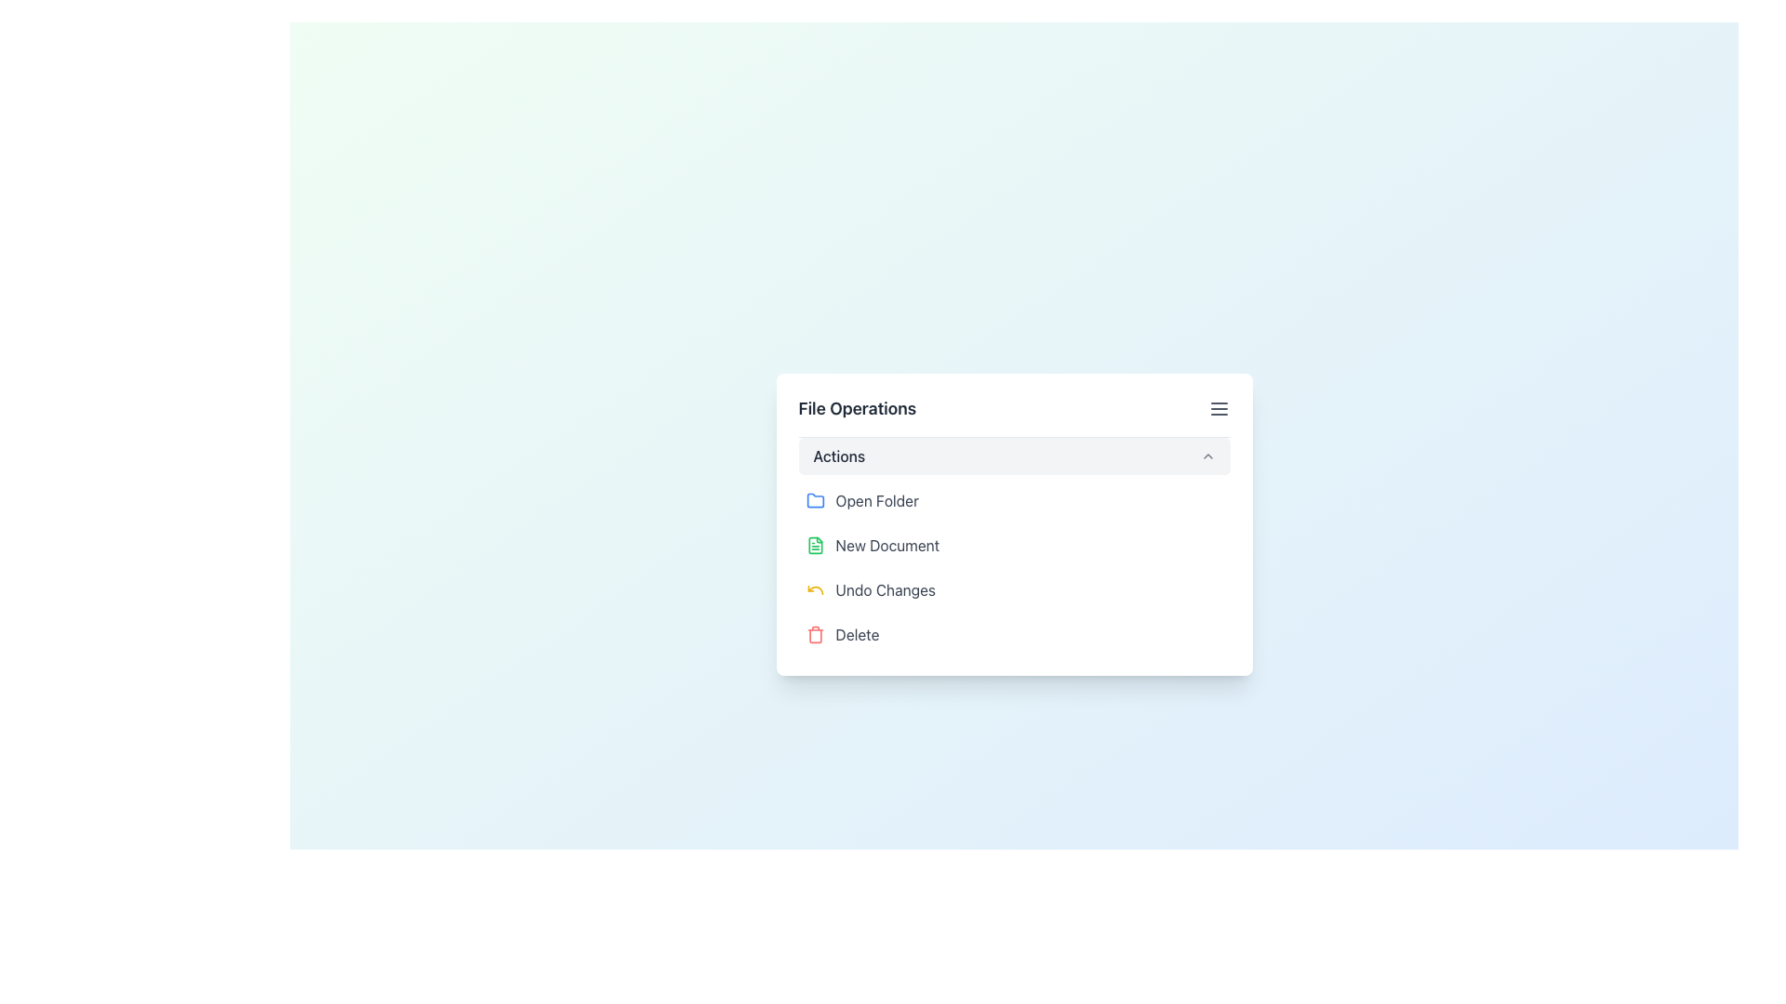  What do you see at coordinates (884, 588) in the screenshot?
I see `the 'Undo Changes' text label, which is the third option in the vertical list of actions within the 'File Operations' card, styled in gray with a yellow undo icon on the left` at bounding box center [884, 588].